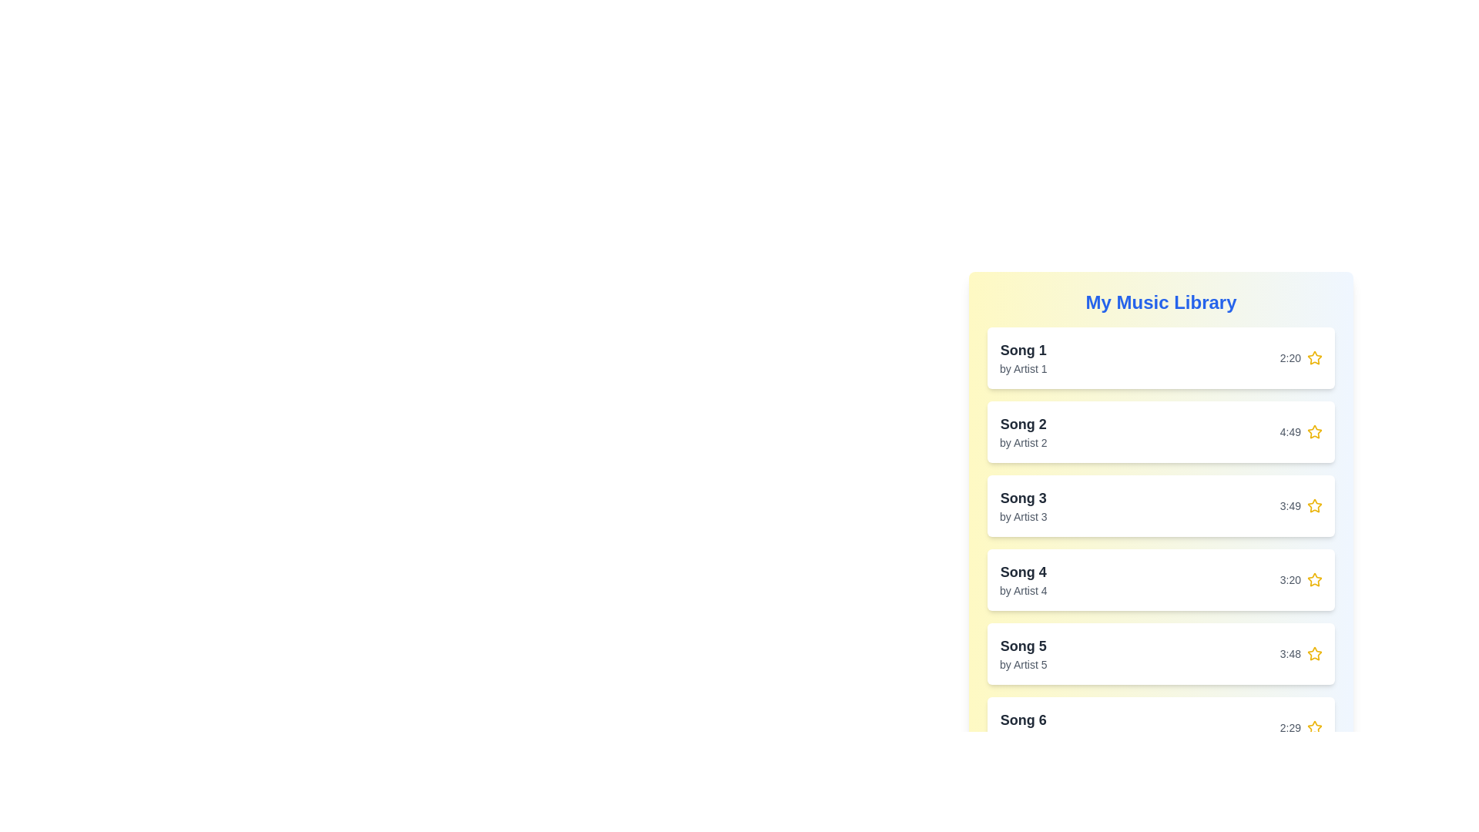 This screenshot has height=832, width=1479. Describe the element at coordinates (1300, 579) in the screenshot. I see `the icon located at the bottom-right corner of the card labeled 'Song 4 by Artist 4' in the music library list` at that location.